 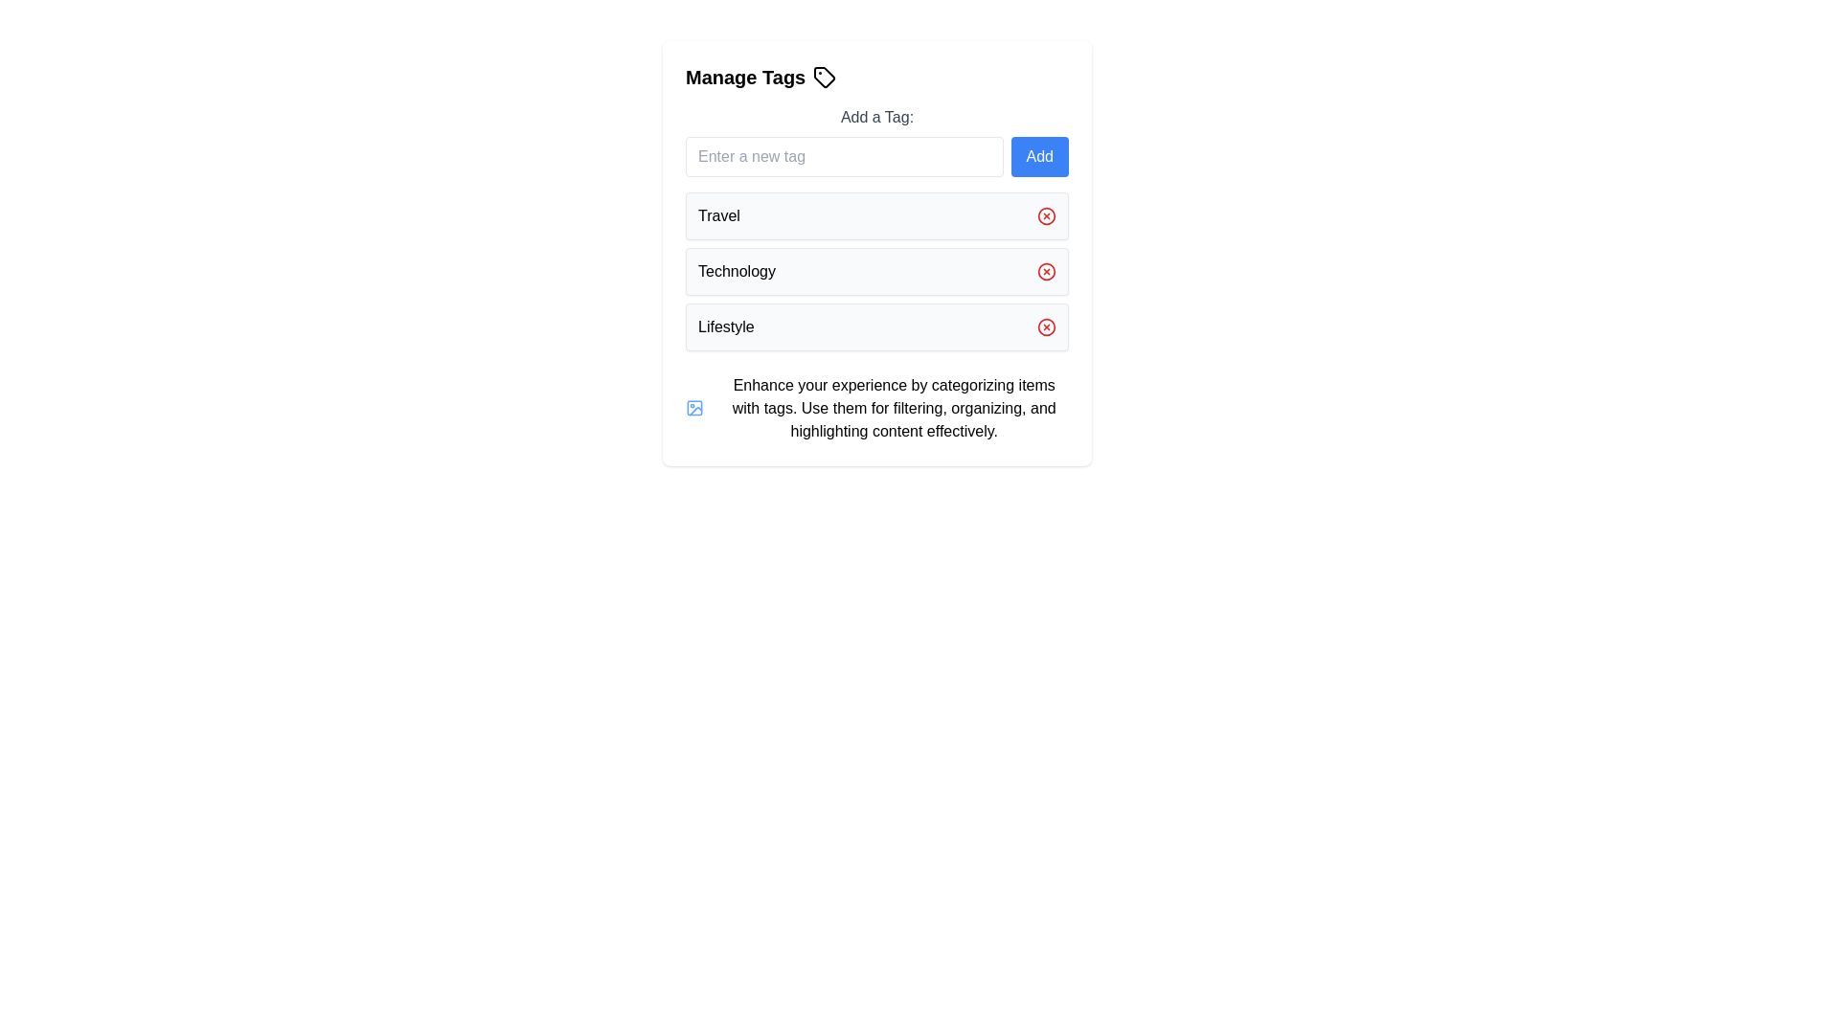 I want to click on the 'Technology' text label in the 'Manage Tags' interface, which is located as the second item in a vertical list, to access adjacent actionable components, so click(x=736, y=272).